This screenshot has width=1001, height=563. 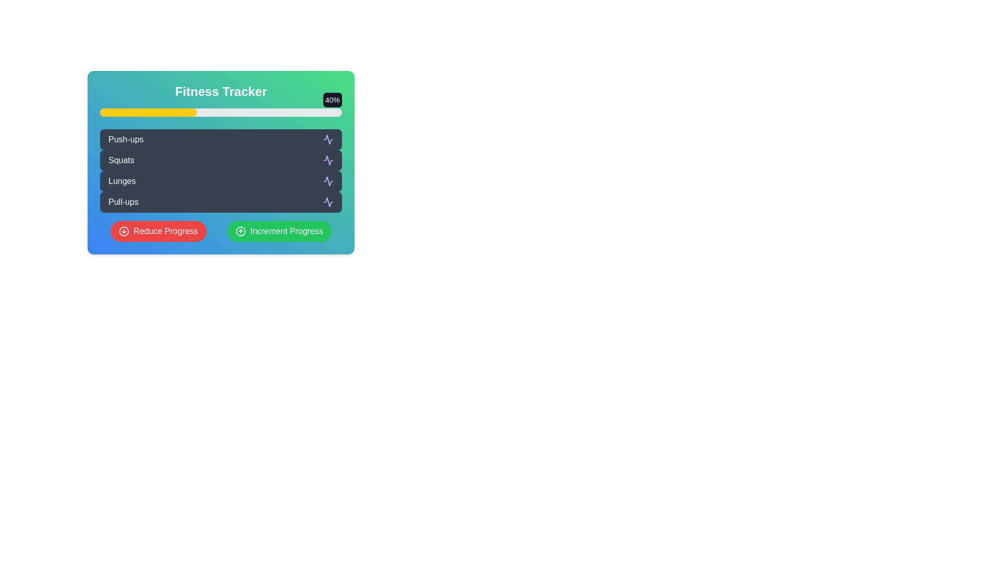 I want to click on the button that reduces the progress value in the tracker, so click(x=157, y=230).